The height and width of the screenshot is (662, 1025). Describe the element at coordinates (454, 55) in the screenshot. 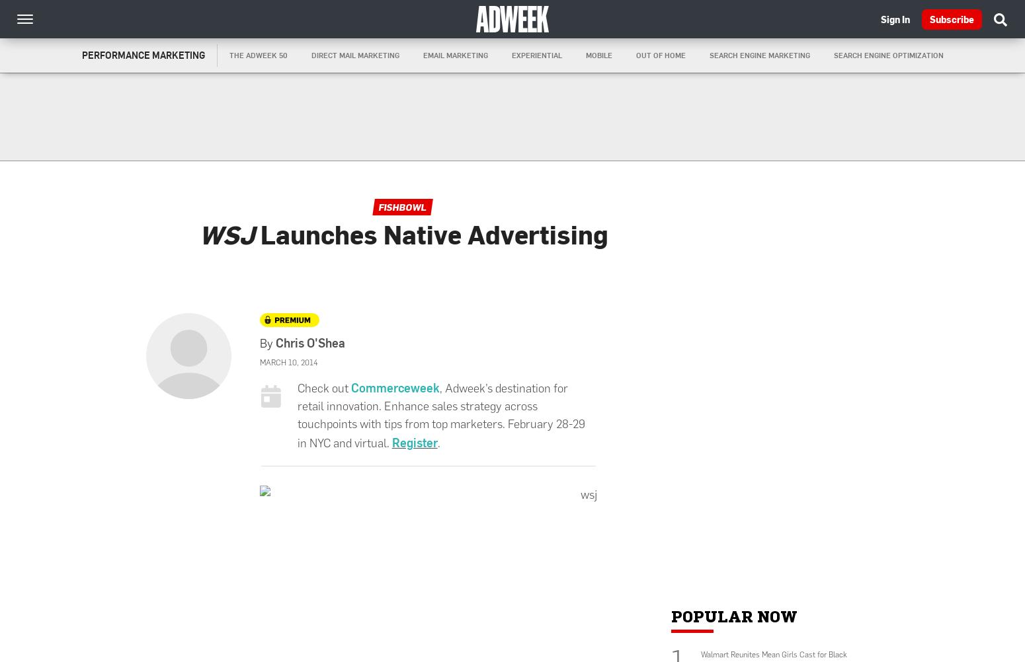

I see `'Email Marketing'` at that location.